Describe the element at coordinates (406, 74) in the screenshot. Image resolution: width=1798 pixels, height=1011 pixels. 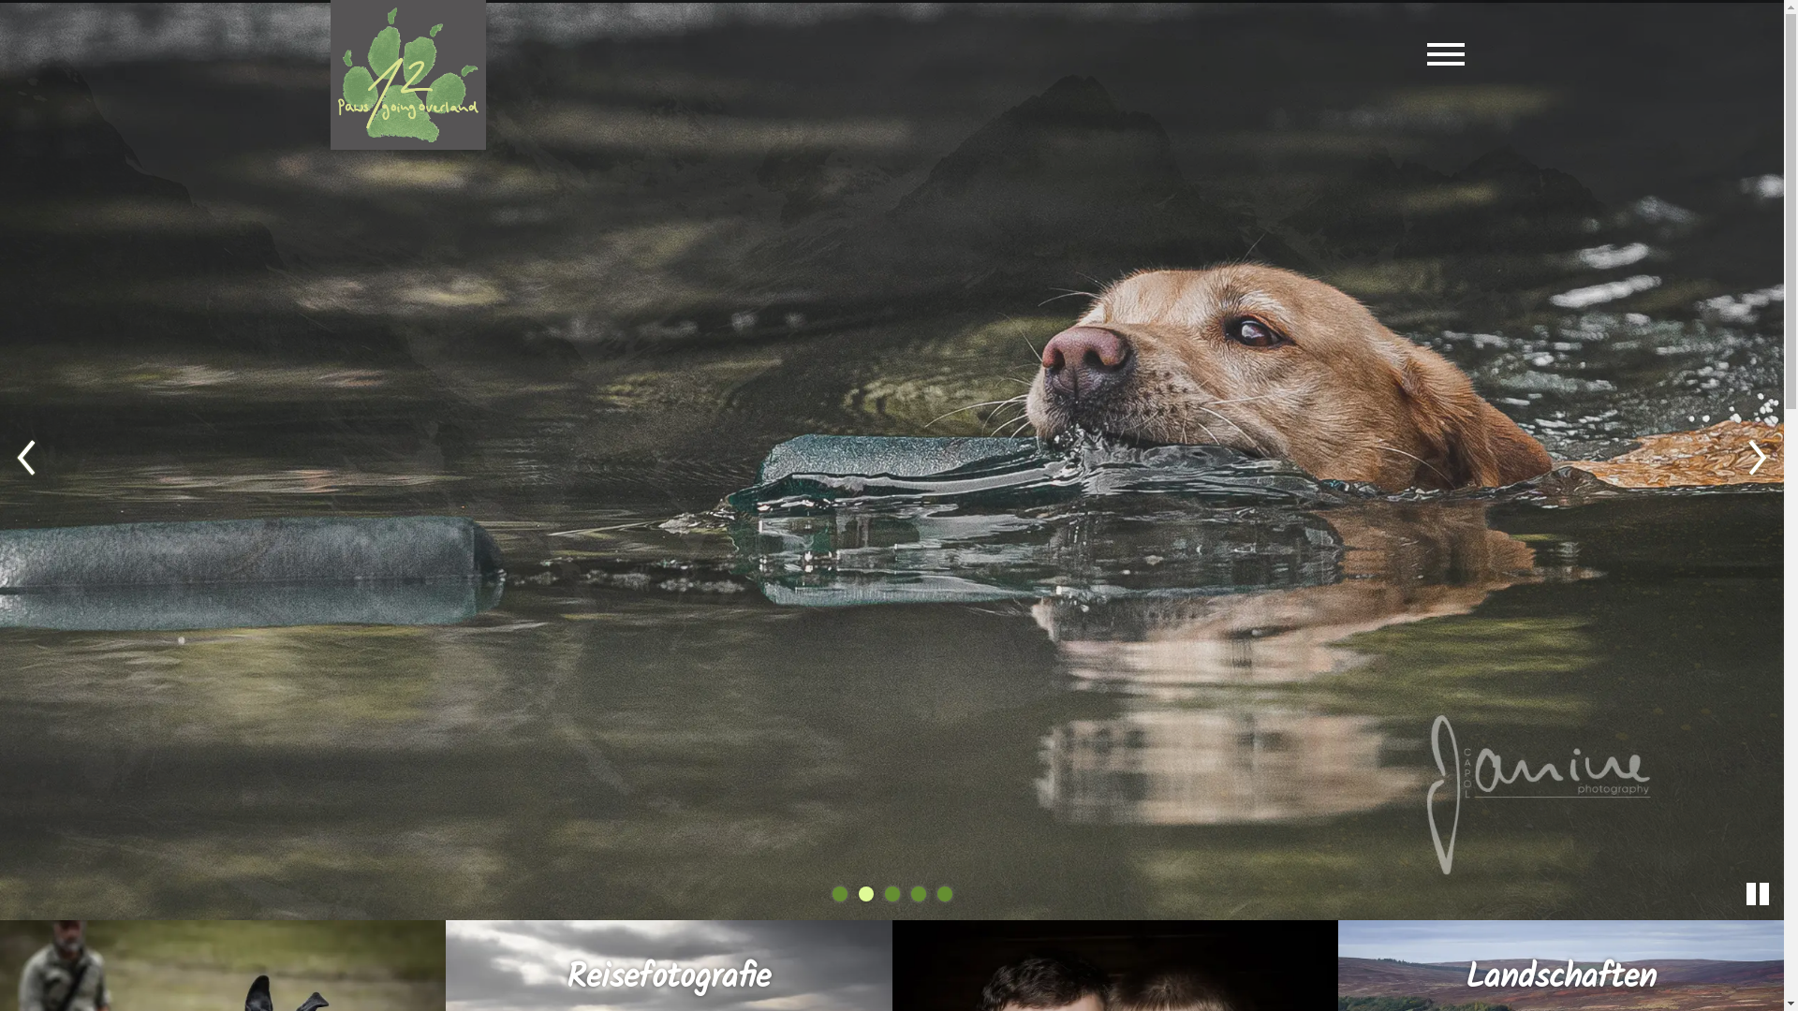
I see `'Zur Startseite'` at that location.